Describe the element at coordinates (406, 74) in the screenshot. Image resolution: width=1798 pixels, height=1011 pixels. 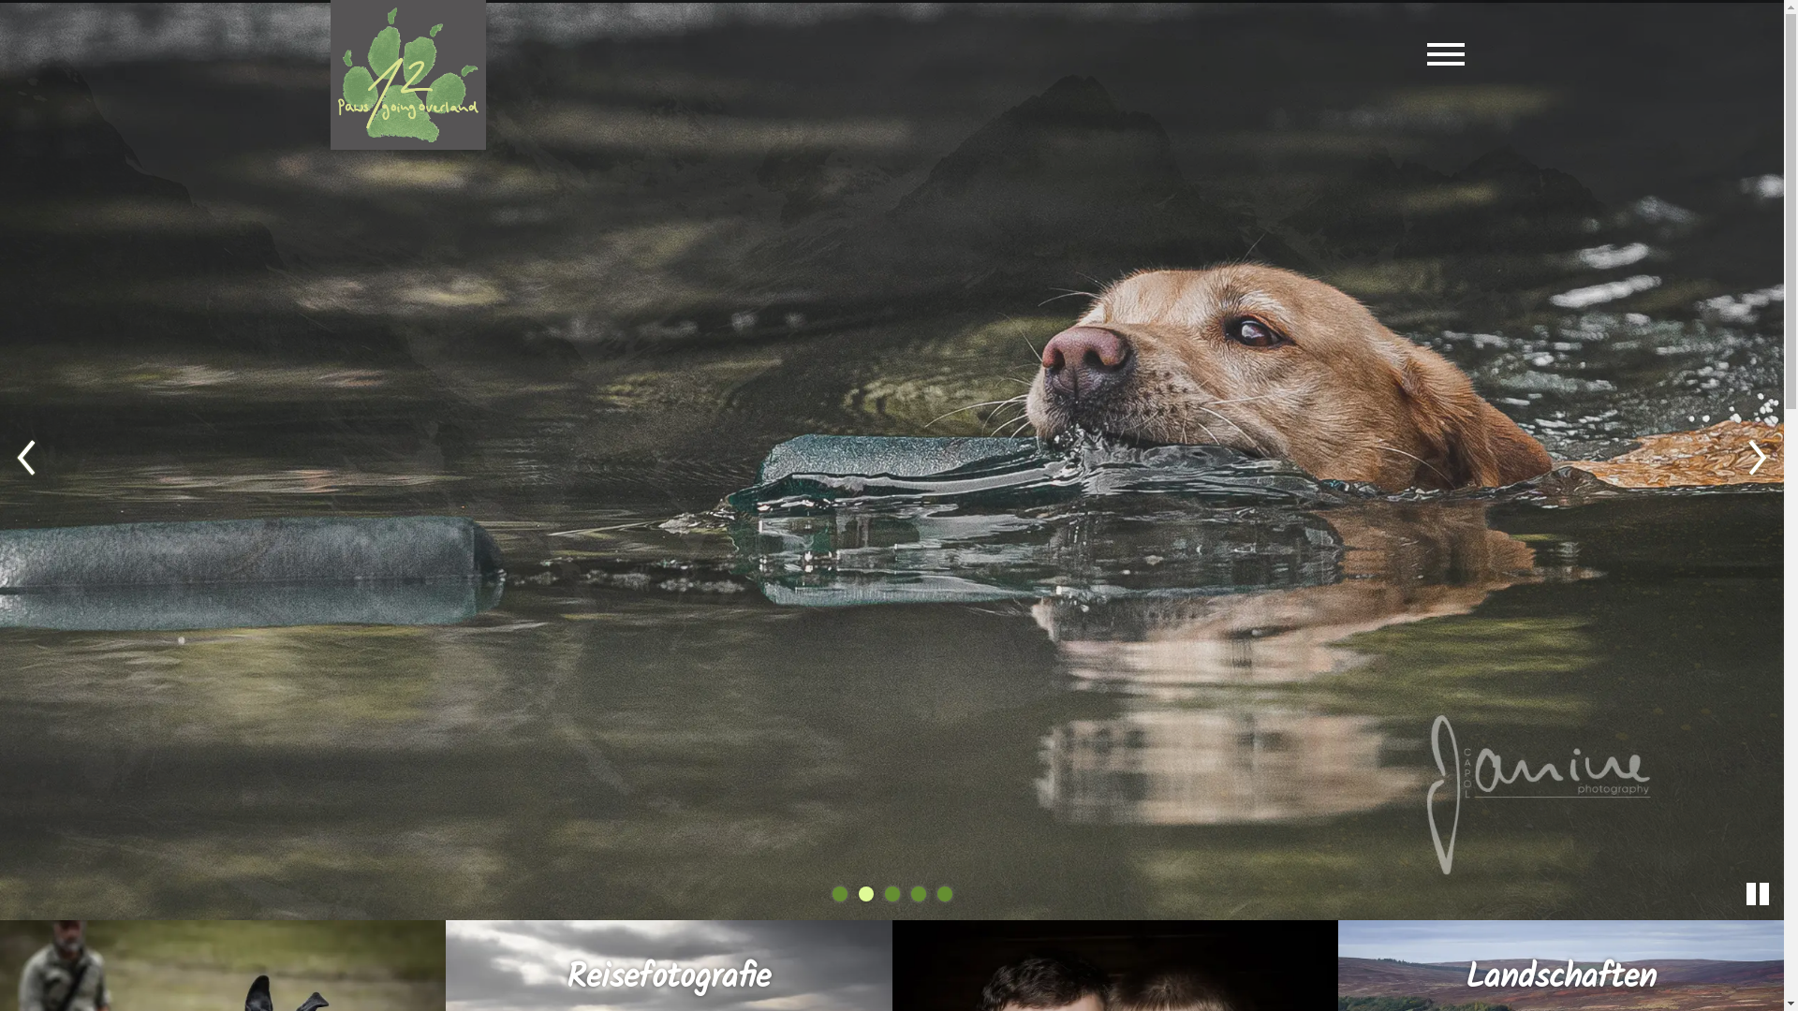
I see `'Zur Startseite'` at that location.